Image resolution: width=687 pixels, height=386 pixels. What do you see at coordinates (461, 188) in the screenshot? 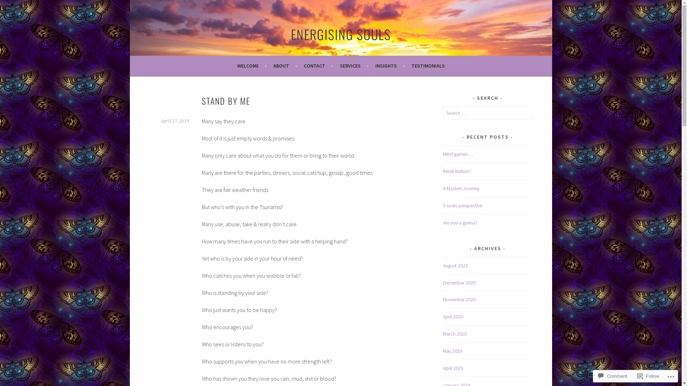
I see `'A Masters Journey'` at bounding box center [461, 188].